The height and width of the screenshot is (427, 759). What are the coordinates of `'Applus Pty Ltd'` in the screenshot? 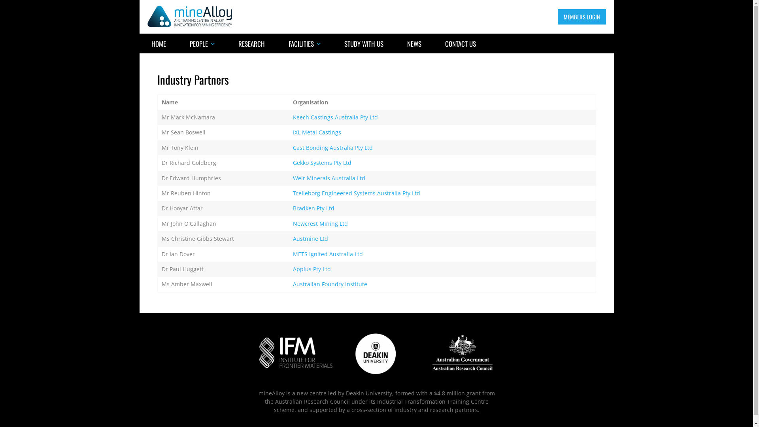 It's located at (311, 268).